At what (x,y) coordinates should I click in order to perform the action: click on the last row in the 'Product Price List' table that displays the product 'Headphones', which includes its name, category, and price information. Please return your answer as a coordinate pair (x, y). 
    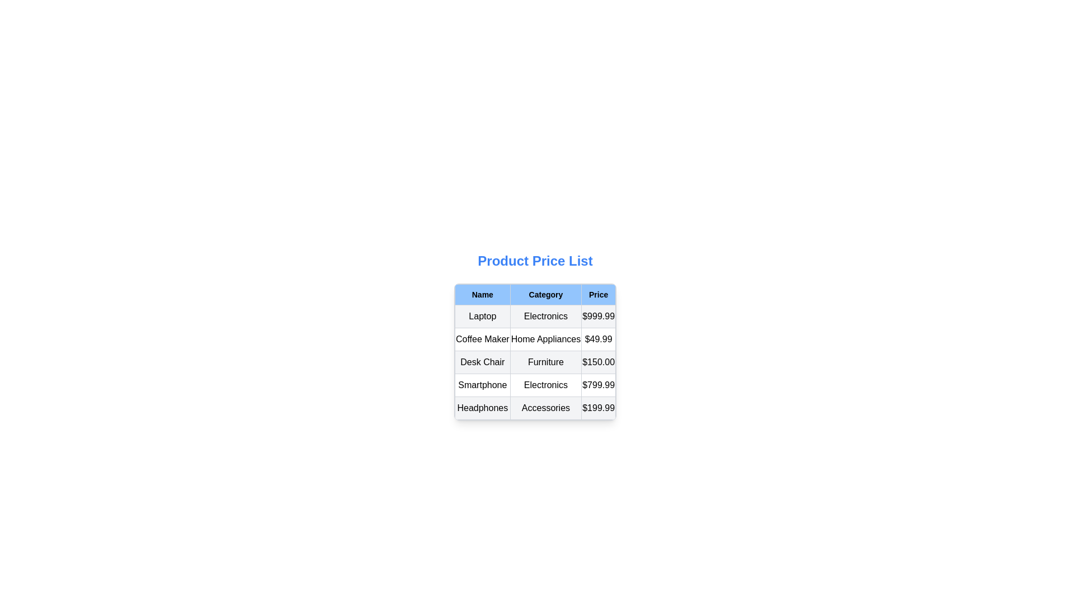
    Looking at the image, I should click on (534, 408).